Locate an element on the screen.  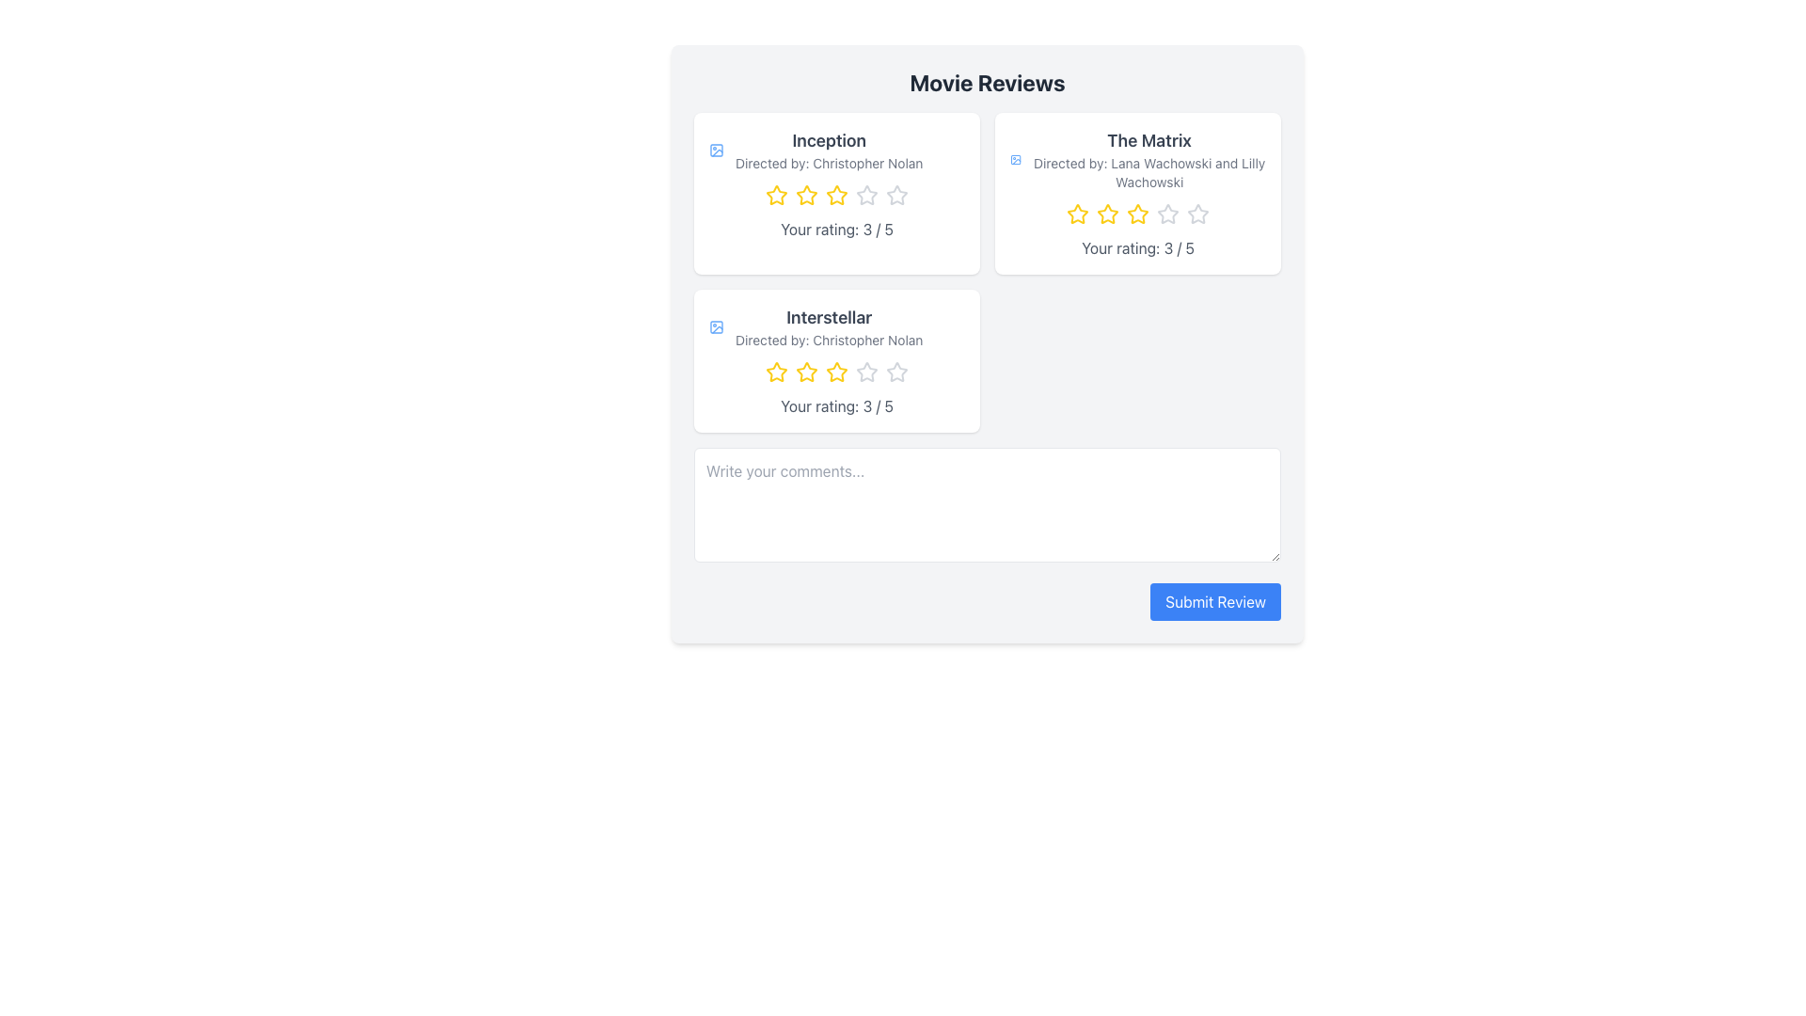
static text label displaying the user's rating for the movie 'The Matrix', which indicates it is 3 out of 5 stars, located at the bottom of the card component is located at coordinates (1136, 246).